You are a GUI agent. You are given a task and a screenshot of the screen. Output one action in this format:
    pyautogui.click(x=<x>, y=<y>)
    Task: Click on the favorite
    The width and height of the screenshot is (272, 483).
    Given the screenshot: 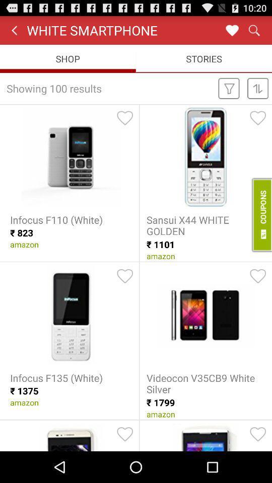 What is the action you would take?
    pyautogui.click(x=258, y=434)
    